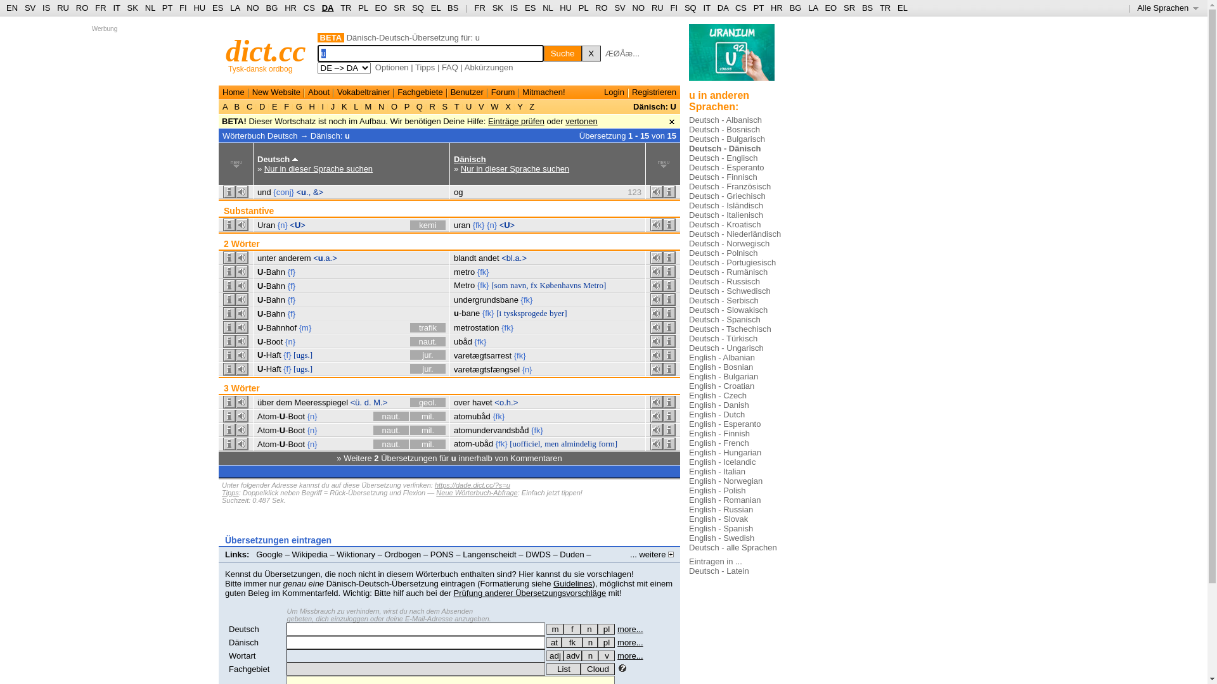 The height and width of the screenshot is (684, 1217). I want to click on 'anderem', so click(293, 257).